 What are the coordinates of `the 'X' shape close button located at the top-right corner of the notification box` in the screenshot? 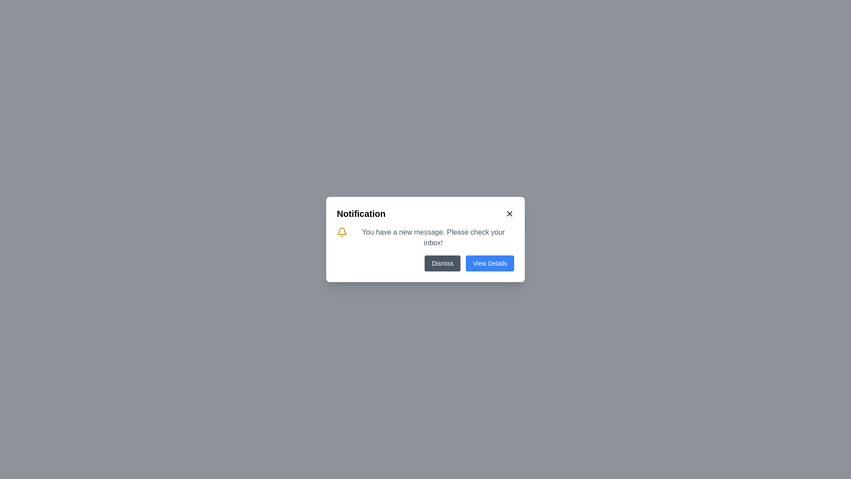 It's located at (510, 214).